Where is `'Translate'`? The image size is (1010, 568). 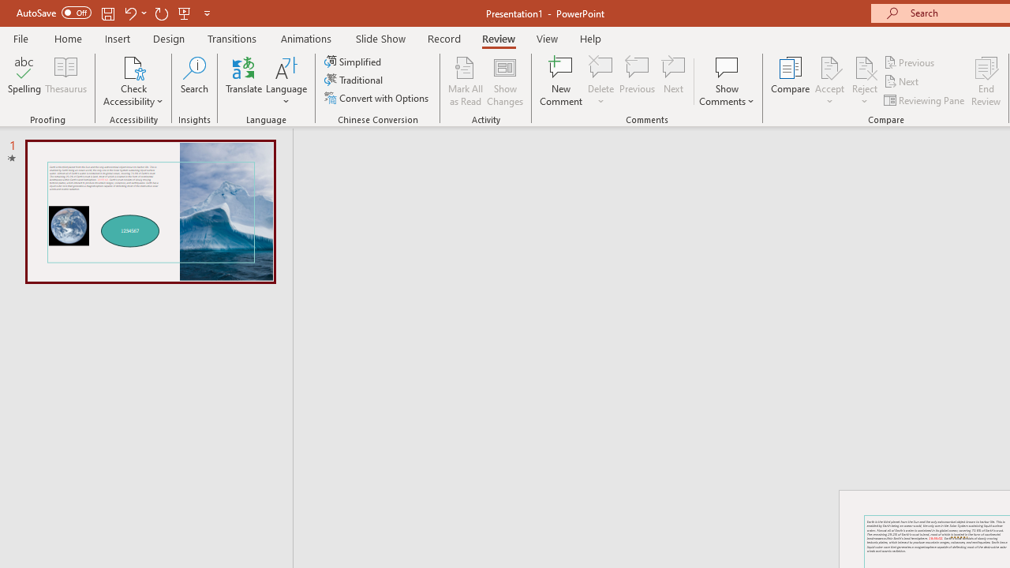
'Translate' is located at coordinates (243, 81).